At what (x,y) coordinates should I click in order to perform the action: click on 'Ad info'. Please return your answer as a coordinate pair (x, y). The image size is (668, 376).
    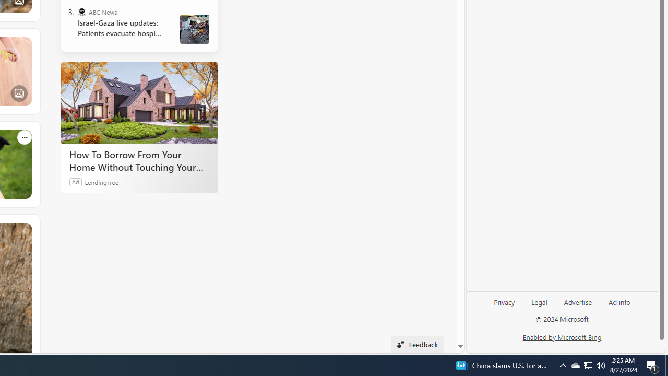
    Looking at the image, I should click on (619, 301).